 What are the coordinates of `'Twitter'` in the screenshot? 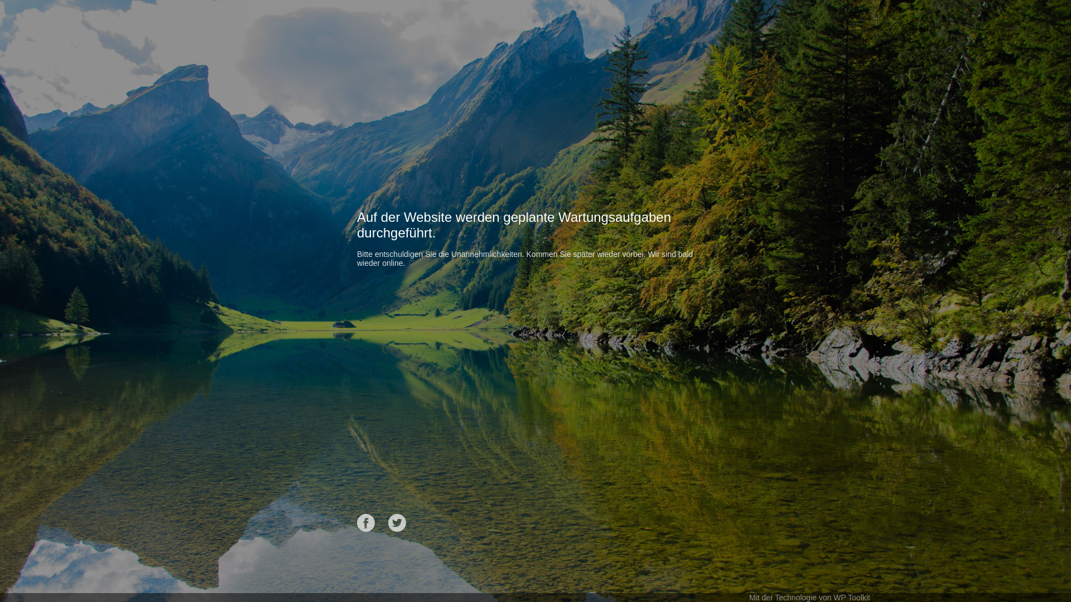 It's located at (397, 522).